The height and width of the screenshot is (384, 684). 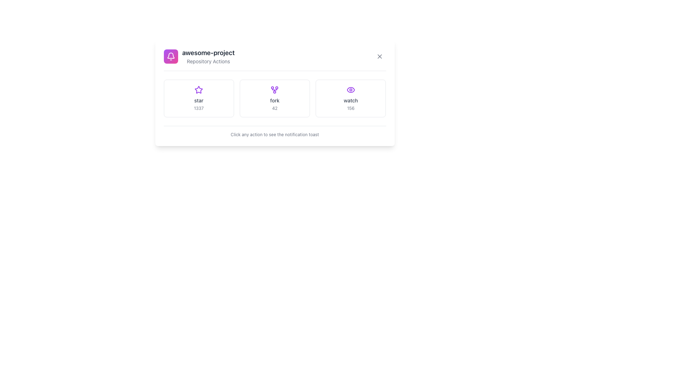 What do you see at coordinates (199, 56) in the screenshot?
I see `the informational header displaying the project title 'awesome-project' and the subtitle 'Repository Actions', which is located in the upper left corner of the modal and features a bell icon on the left` at bounding box center [199, 56].